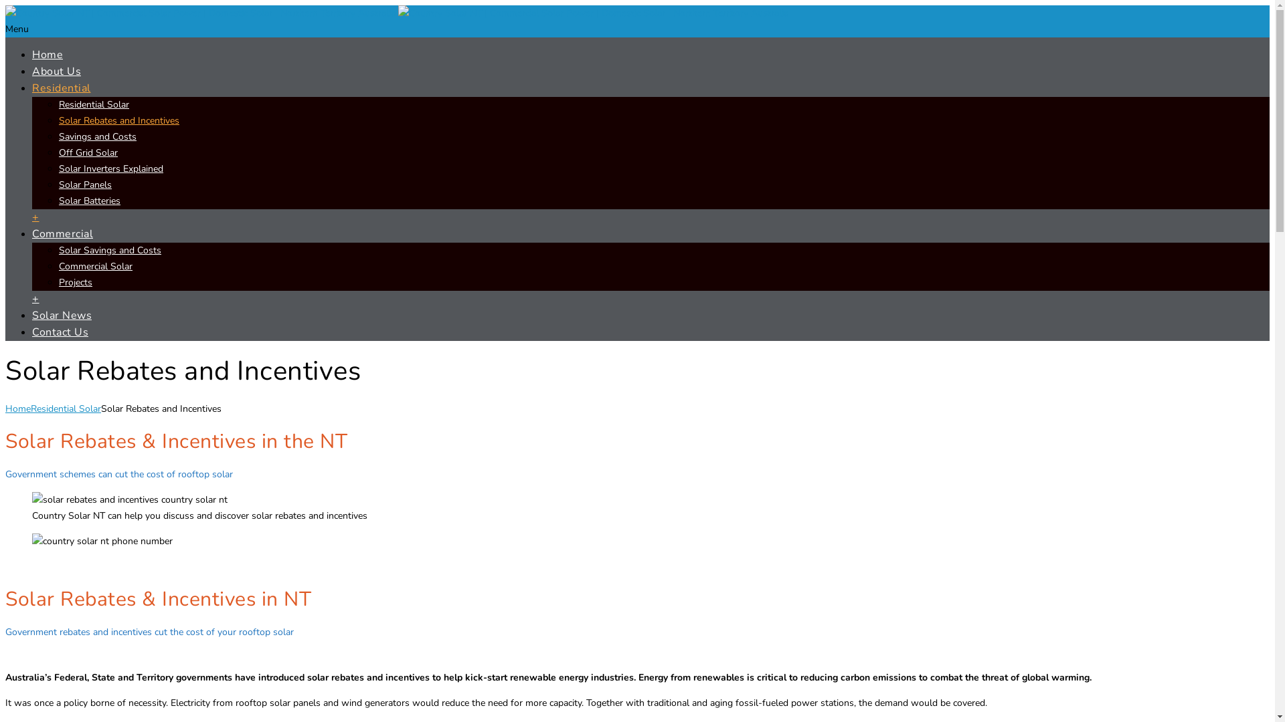 Image resolution: width=1285 pixels, height=722 pixels. What do you see at coordinates (96, 136) in the screenshot?
I see `'Savings and Costs'` at bounding box center [96, 136].